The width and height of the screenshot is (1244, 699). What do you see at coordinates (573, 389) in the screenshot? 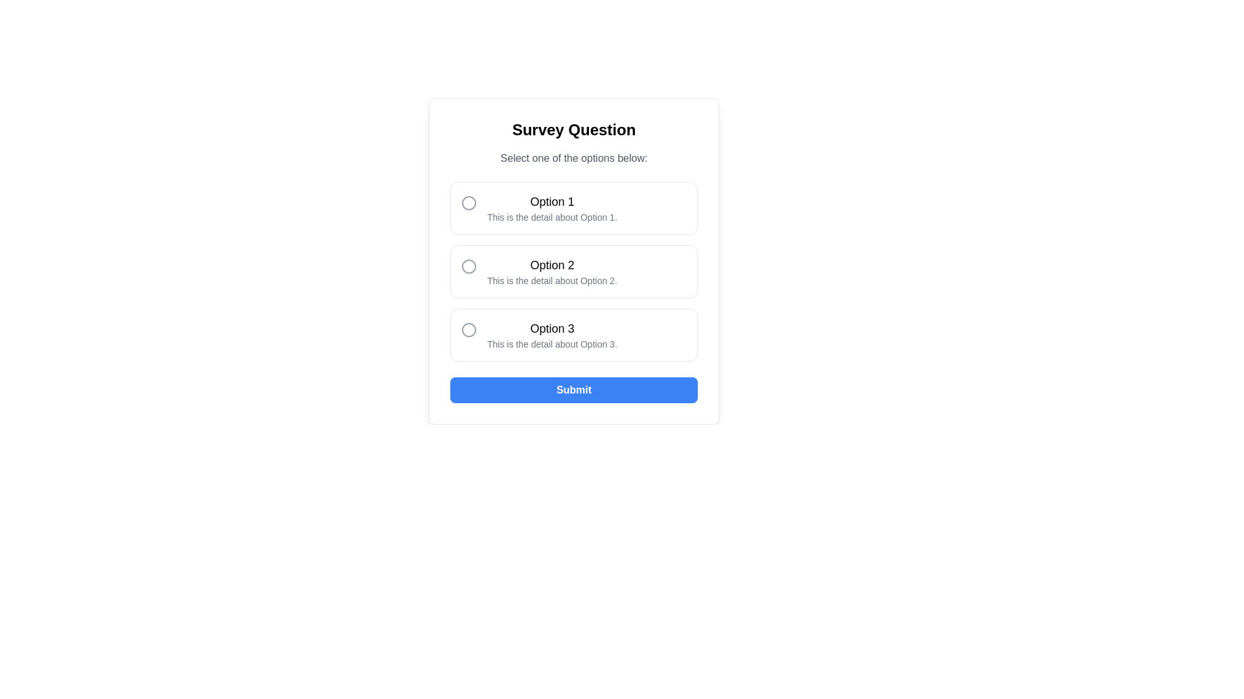
I see `the 'Submit' button, which is a rectangular button with a solid blue background and white text, located at the bottom of the survey form` at bounding box center [573, 389].